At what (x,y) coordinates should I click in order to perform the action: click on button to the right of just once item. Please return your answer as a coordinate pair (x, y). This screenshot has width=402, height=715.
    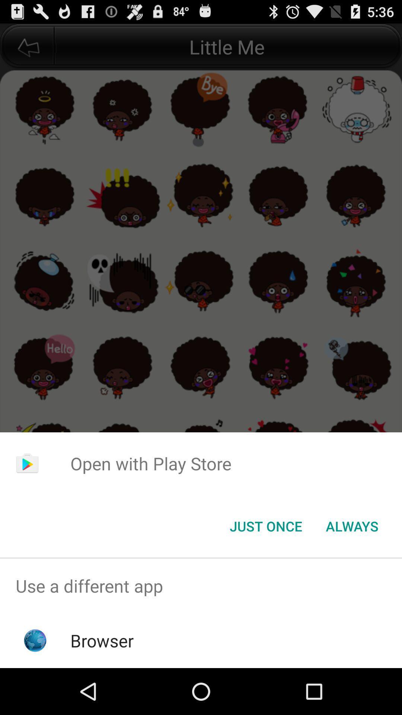
    Looking at the image, I should click on (352, 525).